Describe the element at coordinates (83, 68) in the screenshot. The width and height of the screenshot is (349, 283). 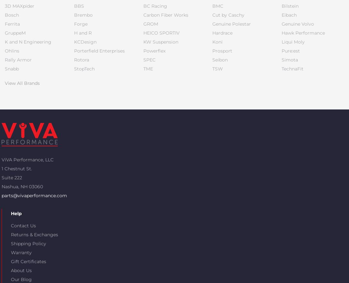
I see `'StopTech'` at that location.